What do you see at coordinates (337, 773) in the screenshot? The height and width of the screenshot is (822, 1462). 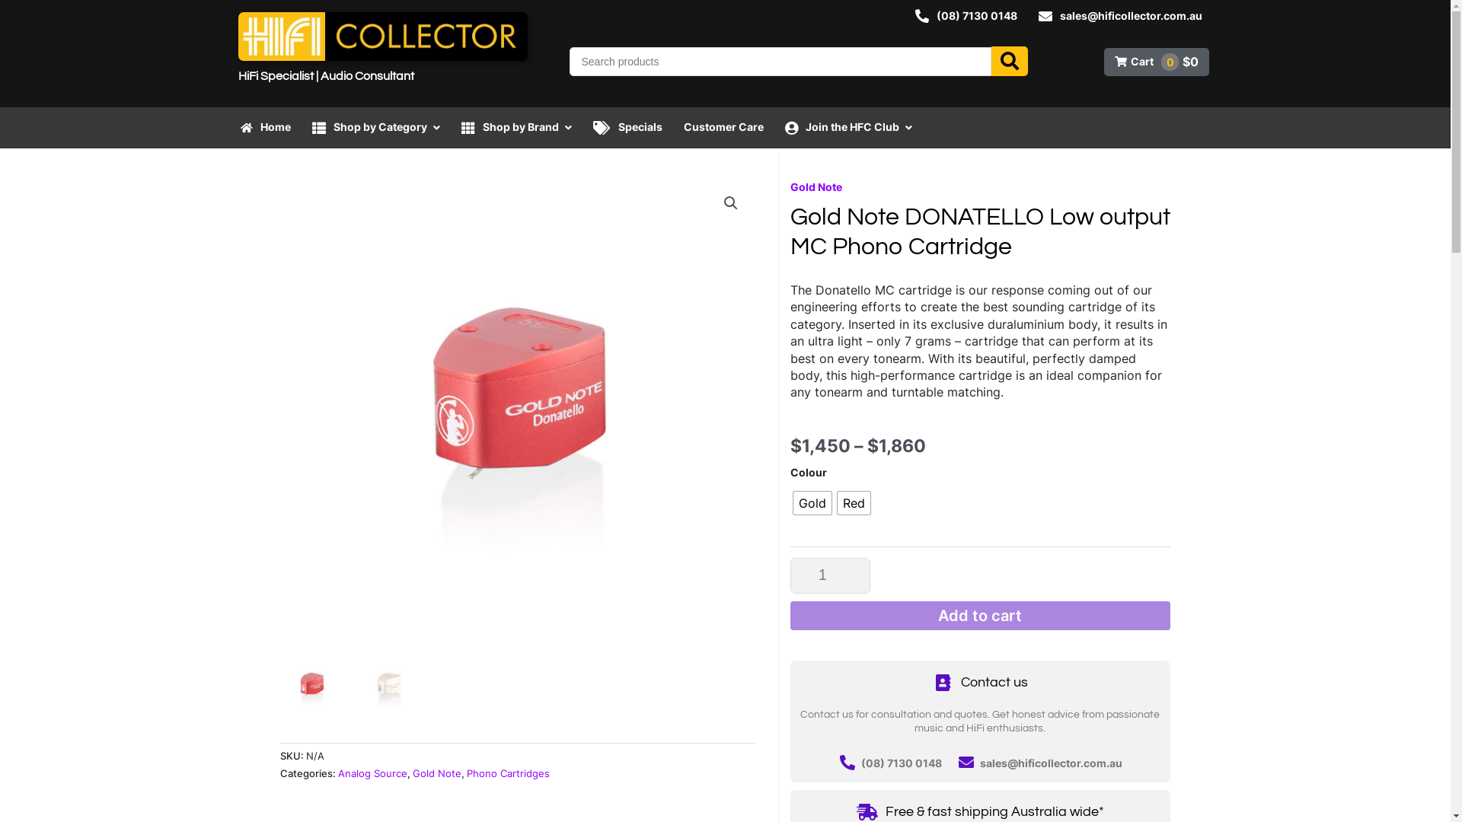 I see `'Analog Source'` at bounding box center [337, 773].